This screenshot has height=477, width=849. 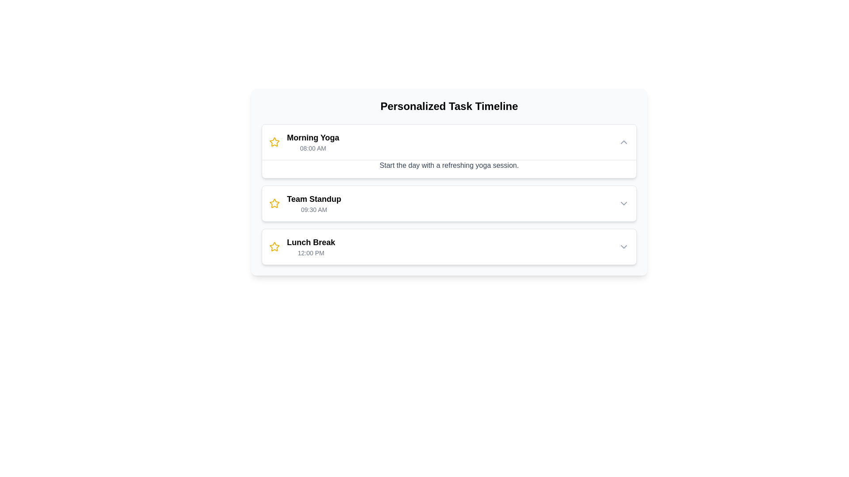 I want to click on the event titled 'Team Standup' scheduled at '09:30 AM' to interact or select it, so click(x=305, y=204).